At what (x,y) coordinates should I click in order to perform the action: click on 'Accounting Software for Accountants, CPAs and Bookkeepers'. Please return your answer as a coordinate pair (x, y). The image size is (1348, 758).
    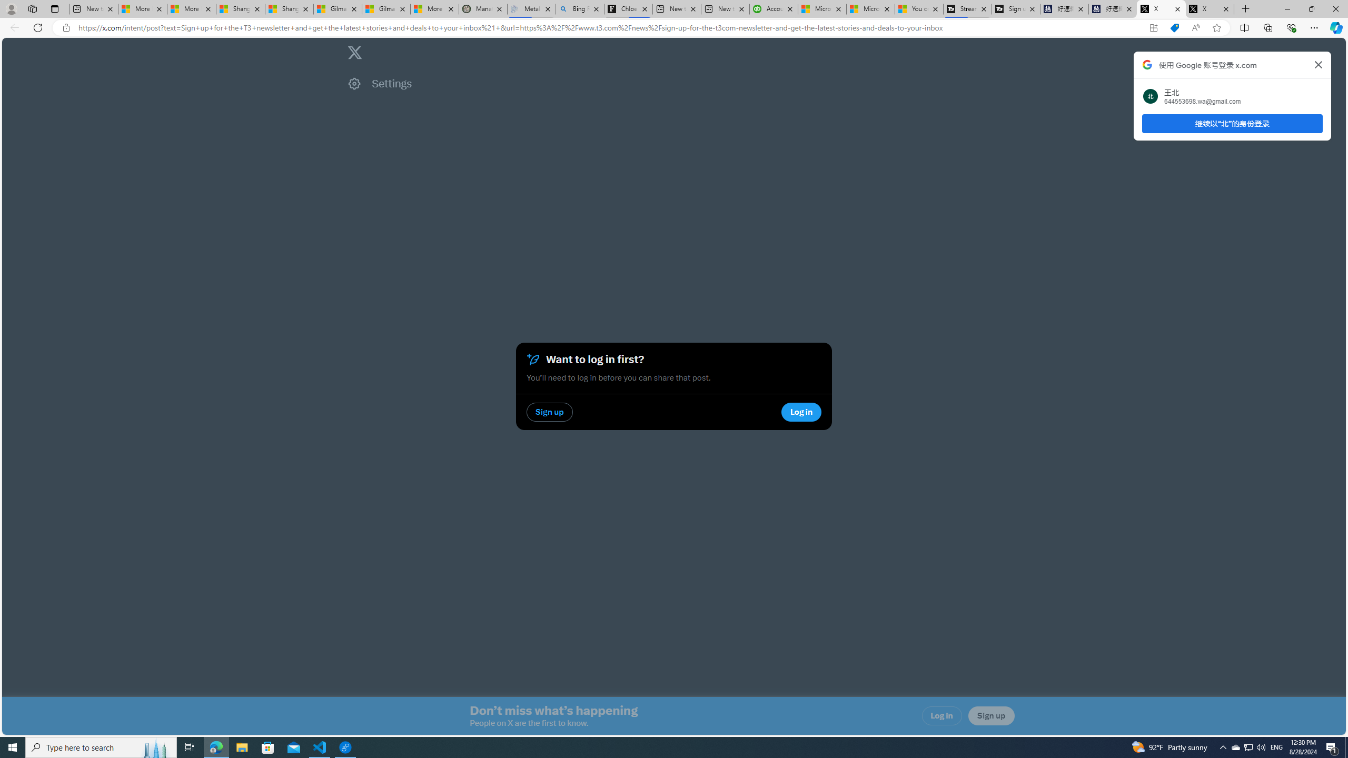
    Looking at the image, I should click on (773, 8).